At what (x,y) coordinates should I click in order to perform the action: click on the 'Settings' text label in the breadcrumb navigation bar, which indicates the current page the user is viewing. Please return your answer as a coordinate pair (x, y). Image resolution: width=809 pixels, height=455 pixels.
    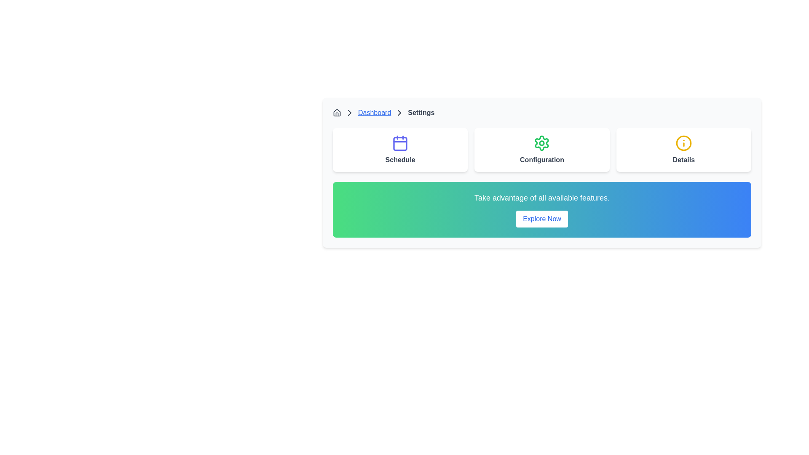
    Looking at the image, I should click on (421, 112).